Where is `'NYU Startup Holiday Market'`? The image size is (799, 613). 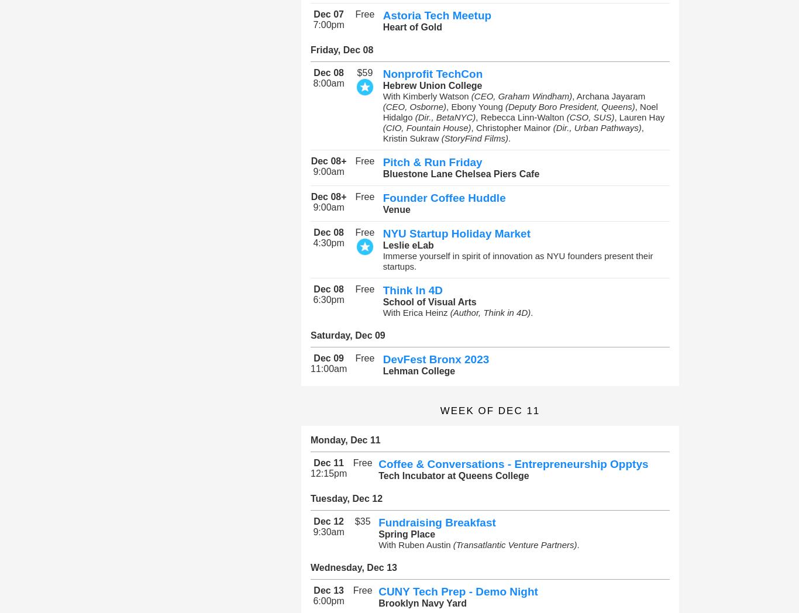
'NYU Startup Holiday Market' is located at coordinates (382, 233).